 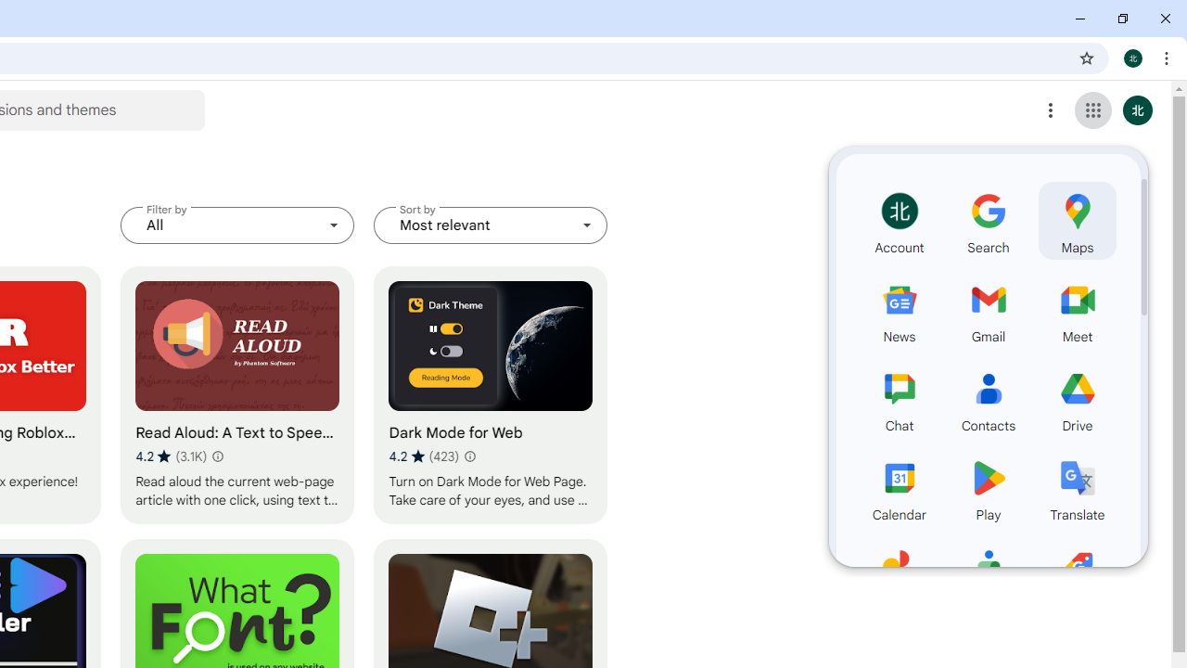 What do you see at coordinates (423, 456) in the screenshot?
I see `'Average rating 4.2 out of 5 stars. 423 ratings.'` at bounding box center [423, 456].